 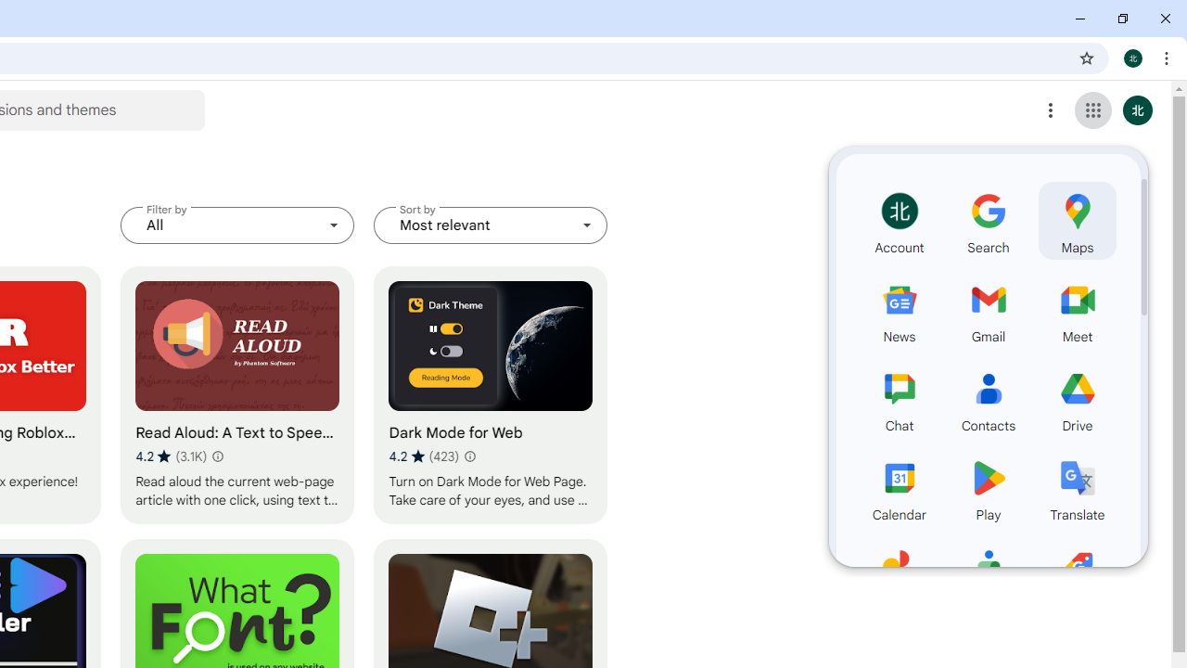 What do you see at coordinates (423, 456) in the screenshot?
I see `'Average rating 4.2 out of 5 stars. 423 ratings.'` at bounding box center [423, 456].